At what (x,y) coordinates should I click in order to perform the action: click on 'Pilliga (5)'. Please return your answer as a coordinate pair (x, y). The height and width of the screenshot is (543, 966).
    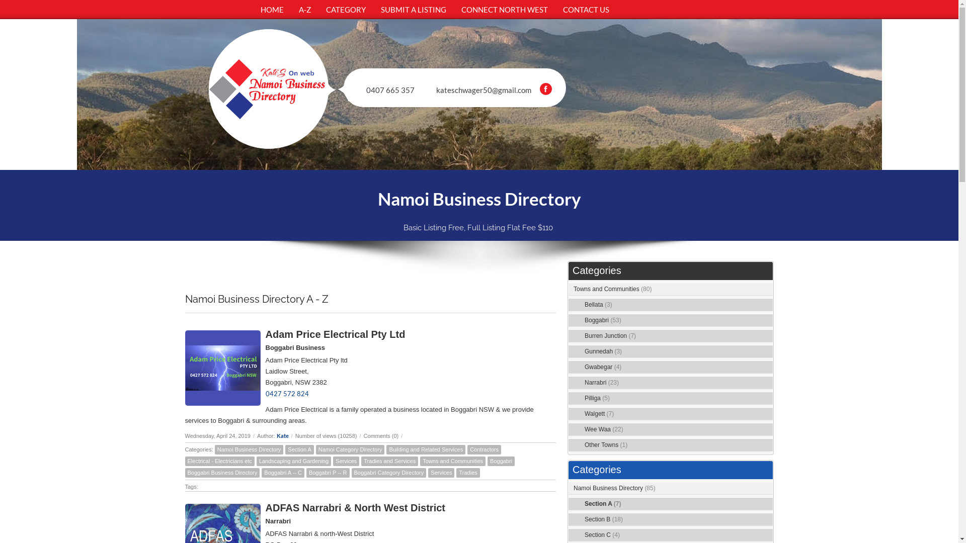
    Looking at the image, I should click on (597, 397).